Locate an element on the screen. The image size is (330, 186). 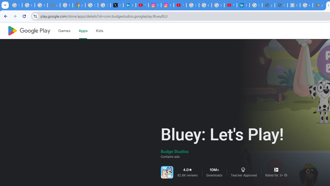
'Data Privacy Framework' is located at coordinates (294, 5).